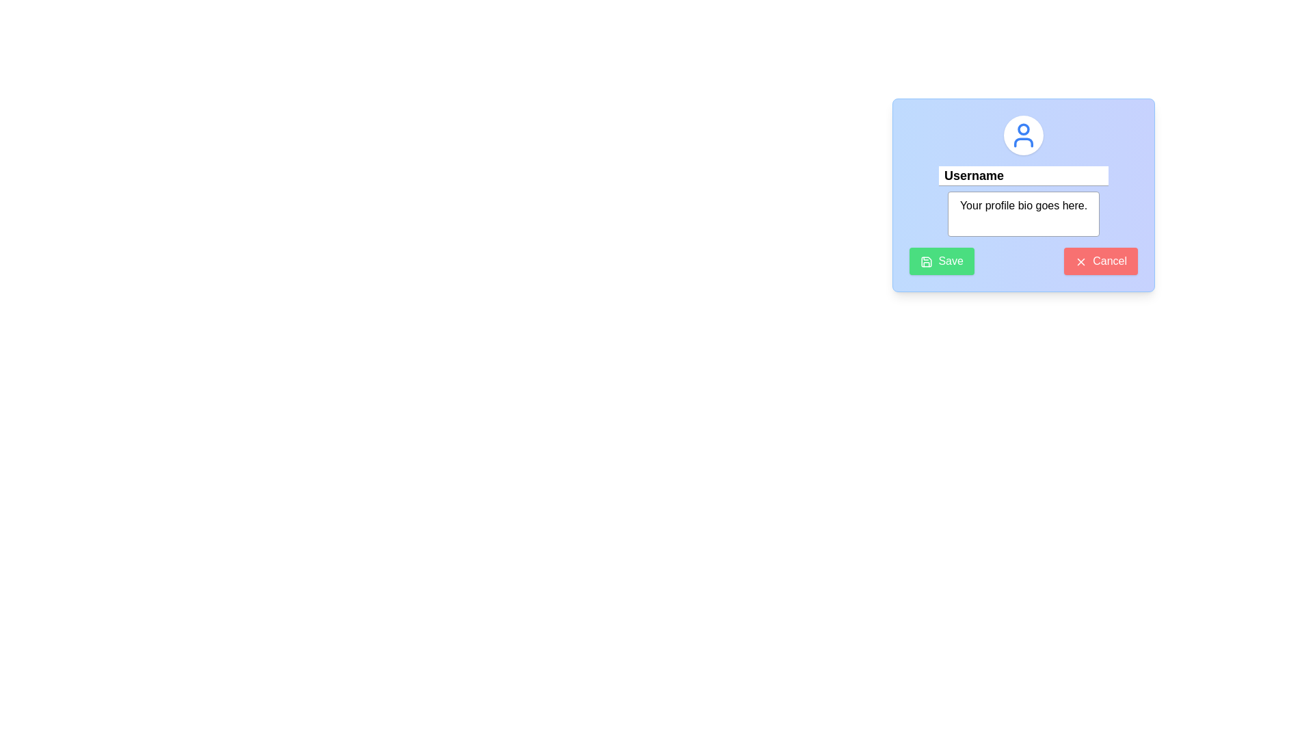  I want to click on the profile bio input text area located centrally in the modal card, positioned below the 'Username' text field and above the 'Save' and 'Cancel' buttons, so click(1024, 201).